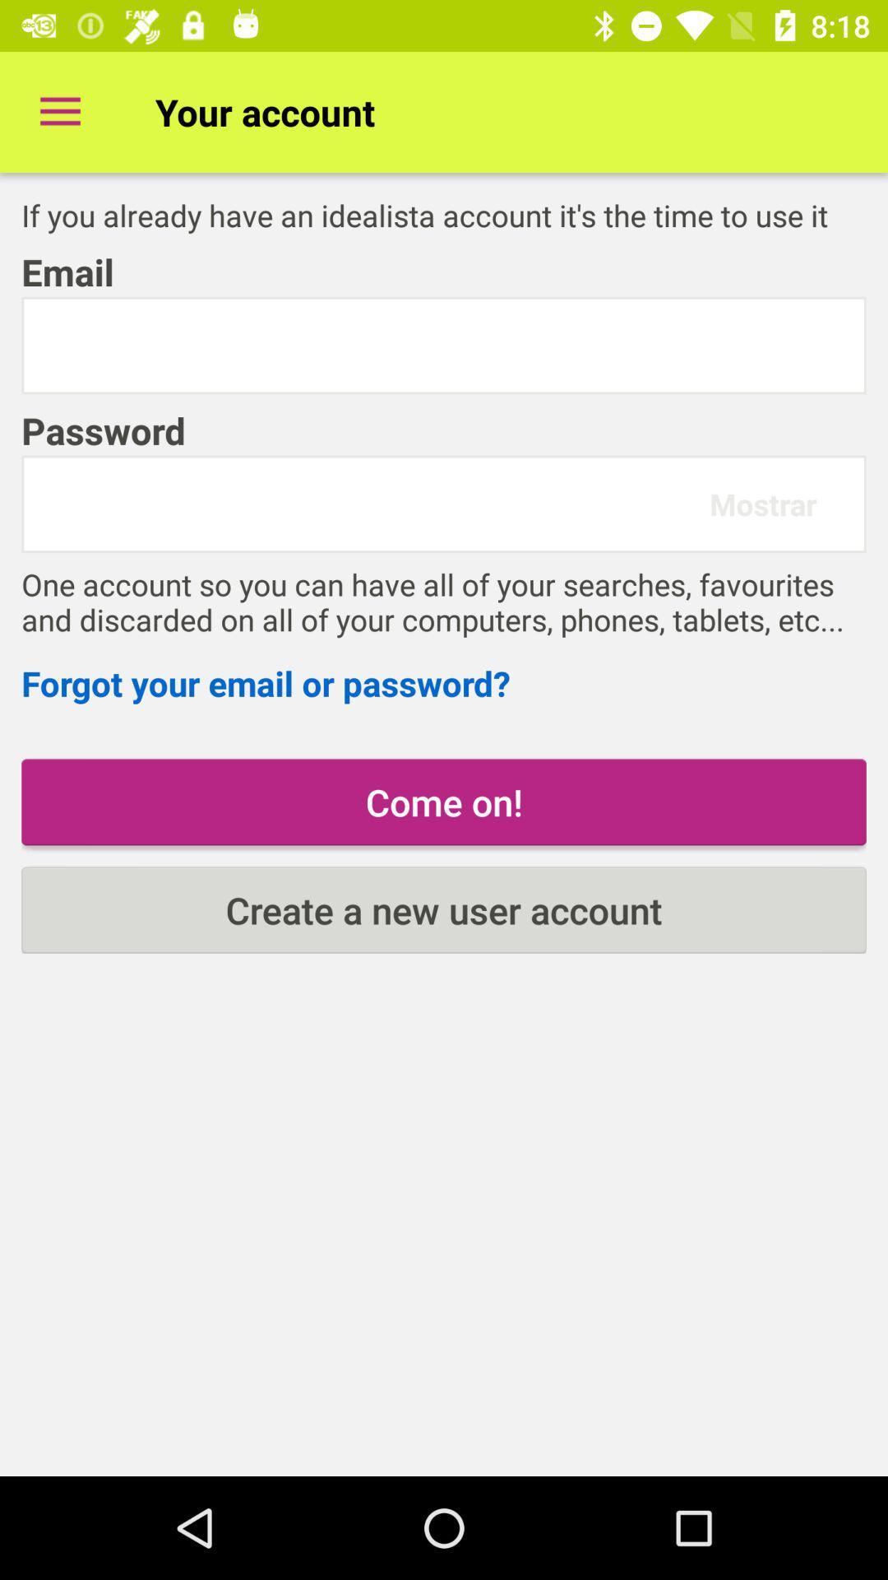 Image resolution: width=888 pixels, height=1580 pixels. Describe the element at coordinates (59, 111) in the screenshot. I see `icon above the if you already icon` at that location.